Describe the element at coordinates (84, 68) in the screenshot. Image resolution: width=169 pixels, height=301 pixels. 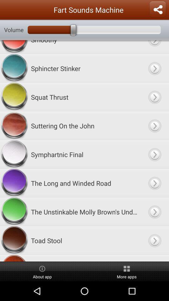
I see `sphincter stinker app` at that location.